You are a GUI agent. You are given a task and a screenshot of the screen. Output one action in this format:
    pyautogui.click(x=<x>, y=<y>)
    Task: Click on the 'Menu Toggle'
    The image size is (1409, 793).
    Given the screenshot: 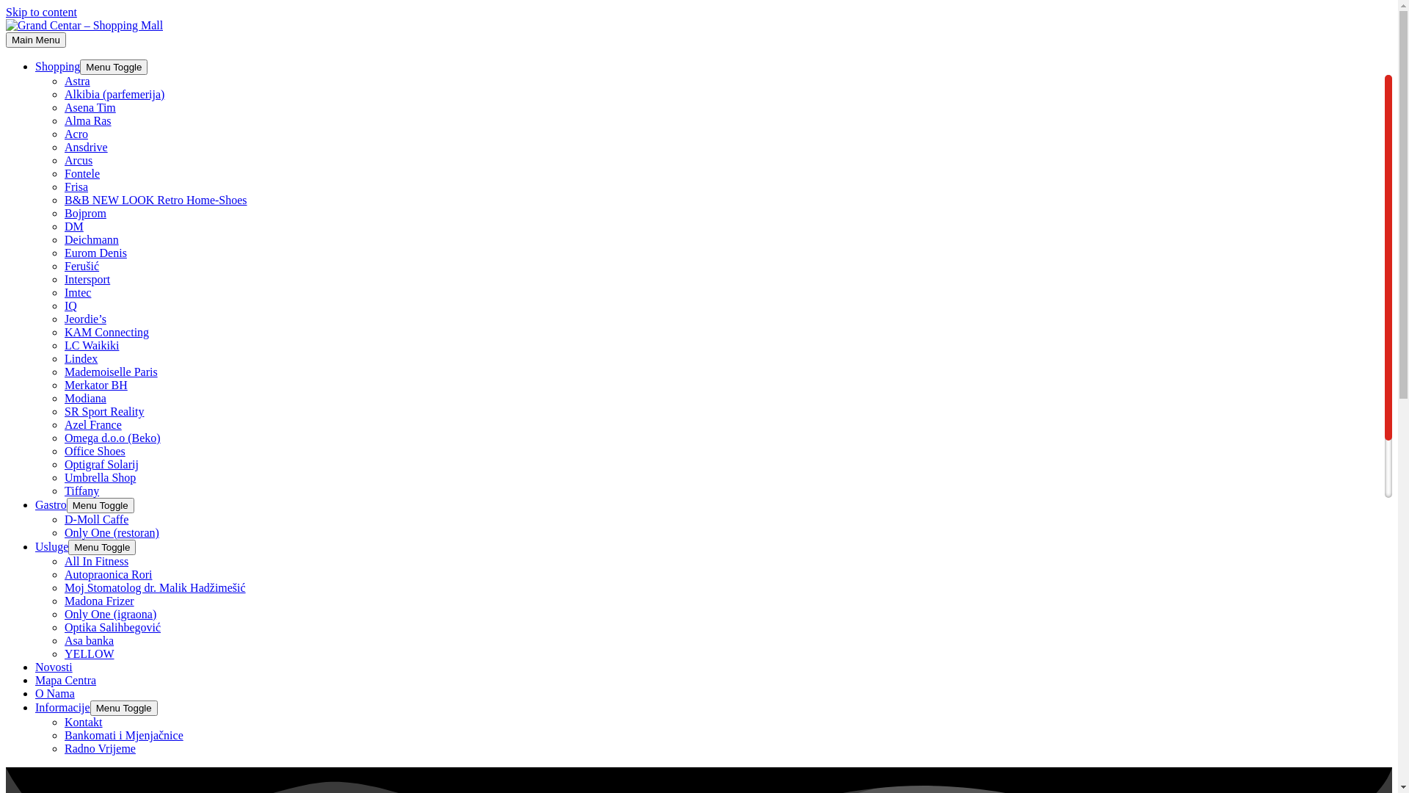 What is the action you would take?
    pyautogui.click(x=100, y=504)
    